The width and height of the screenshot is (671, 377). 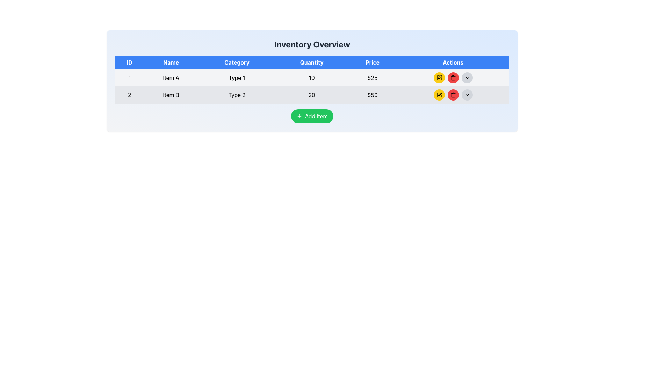 What do you see at coordinates (439, 78) in the screenshot?
I see `the circular yellow button with a black pen icon located in the actions column of the first data row in the table` at bounding box center [439, 78].